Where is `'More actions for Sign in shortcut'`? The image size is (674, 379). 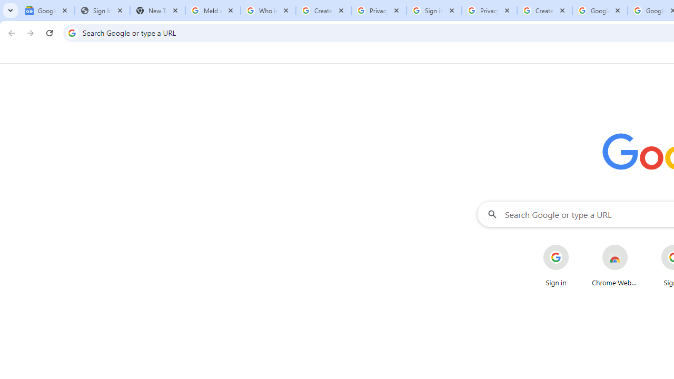 'More actions for Sign in shortcut' is located at coordinates (576, 245).